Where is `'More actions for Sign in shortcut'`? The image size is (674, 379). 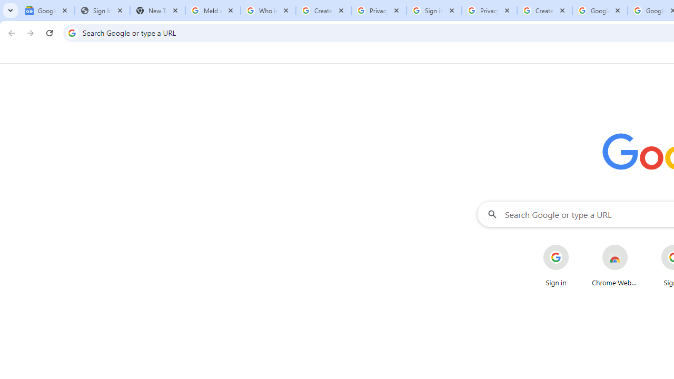 'More actions for Sign in shortcut' is located at coordinates (576, 245).